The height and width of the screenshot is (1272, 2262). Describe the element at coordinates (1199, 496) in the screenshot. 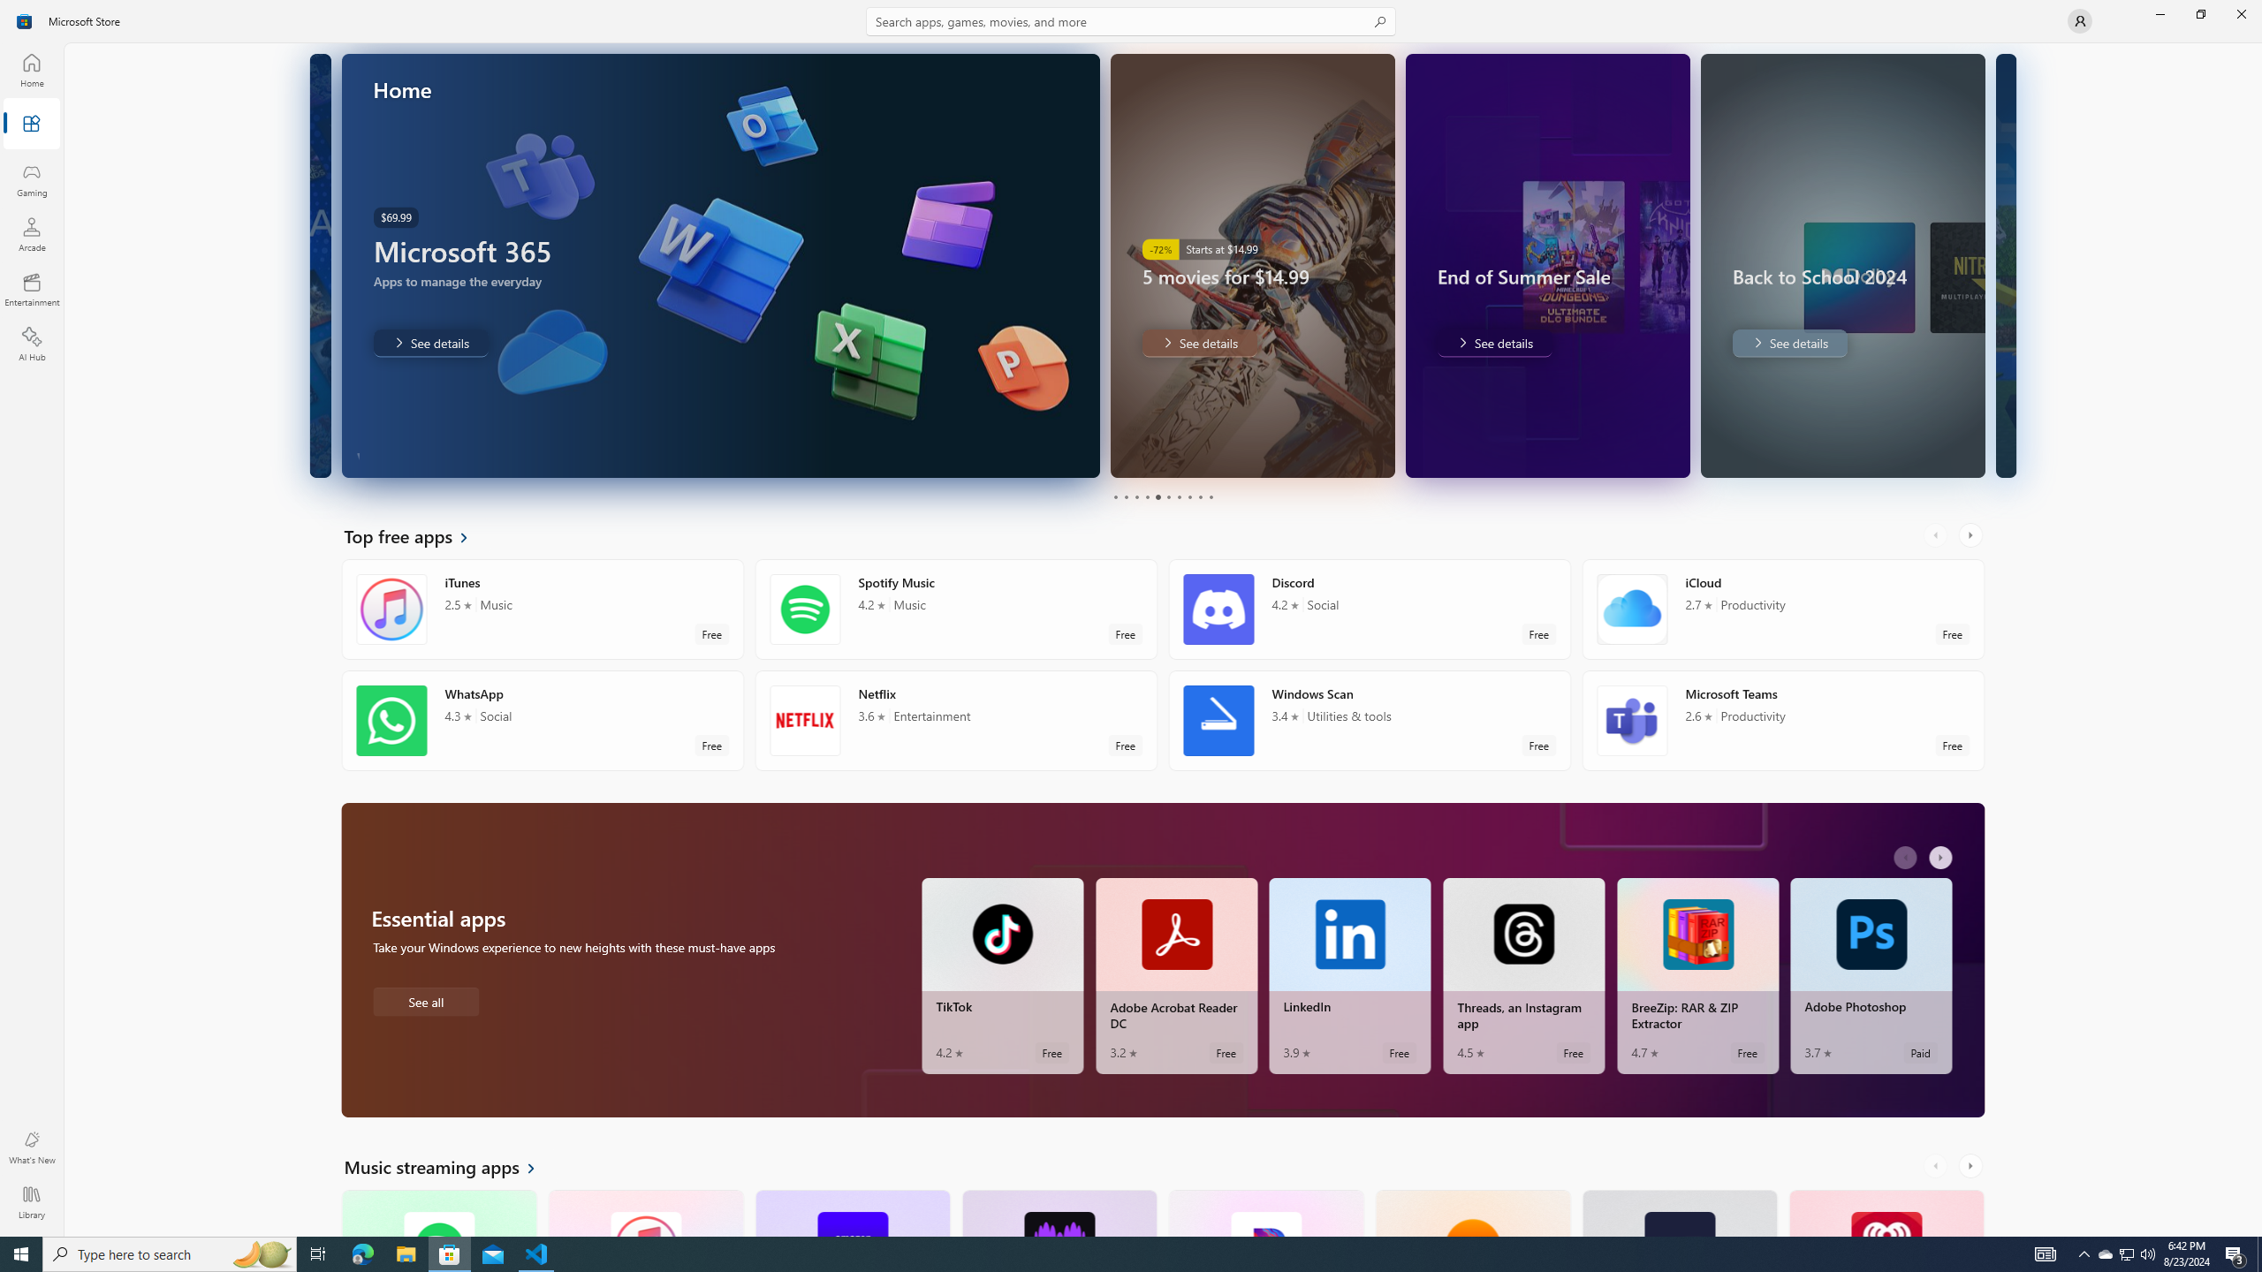

I see `'Page 9'` at that location.